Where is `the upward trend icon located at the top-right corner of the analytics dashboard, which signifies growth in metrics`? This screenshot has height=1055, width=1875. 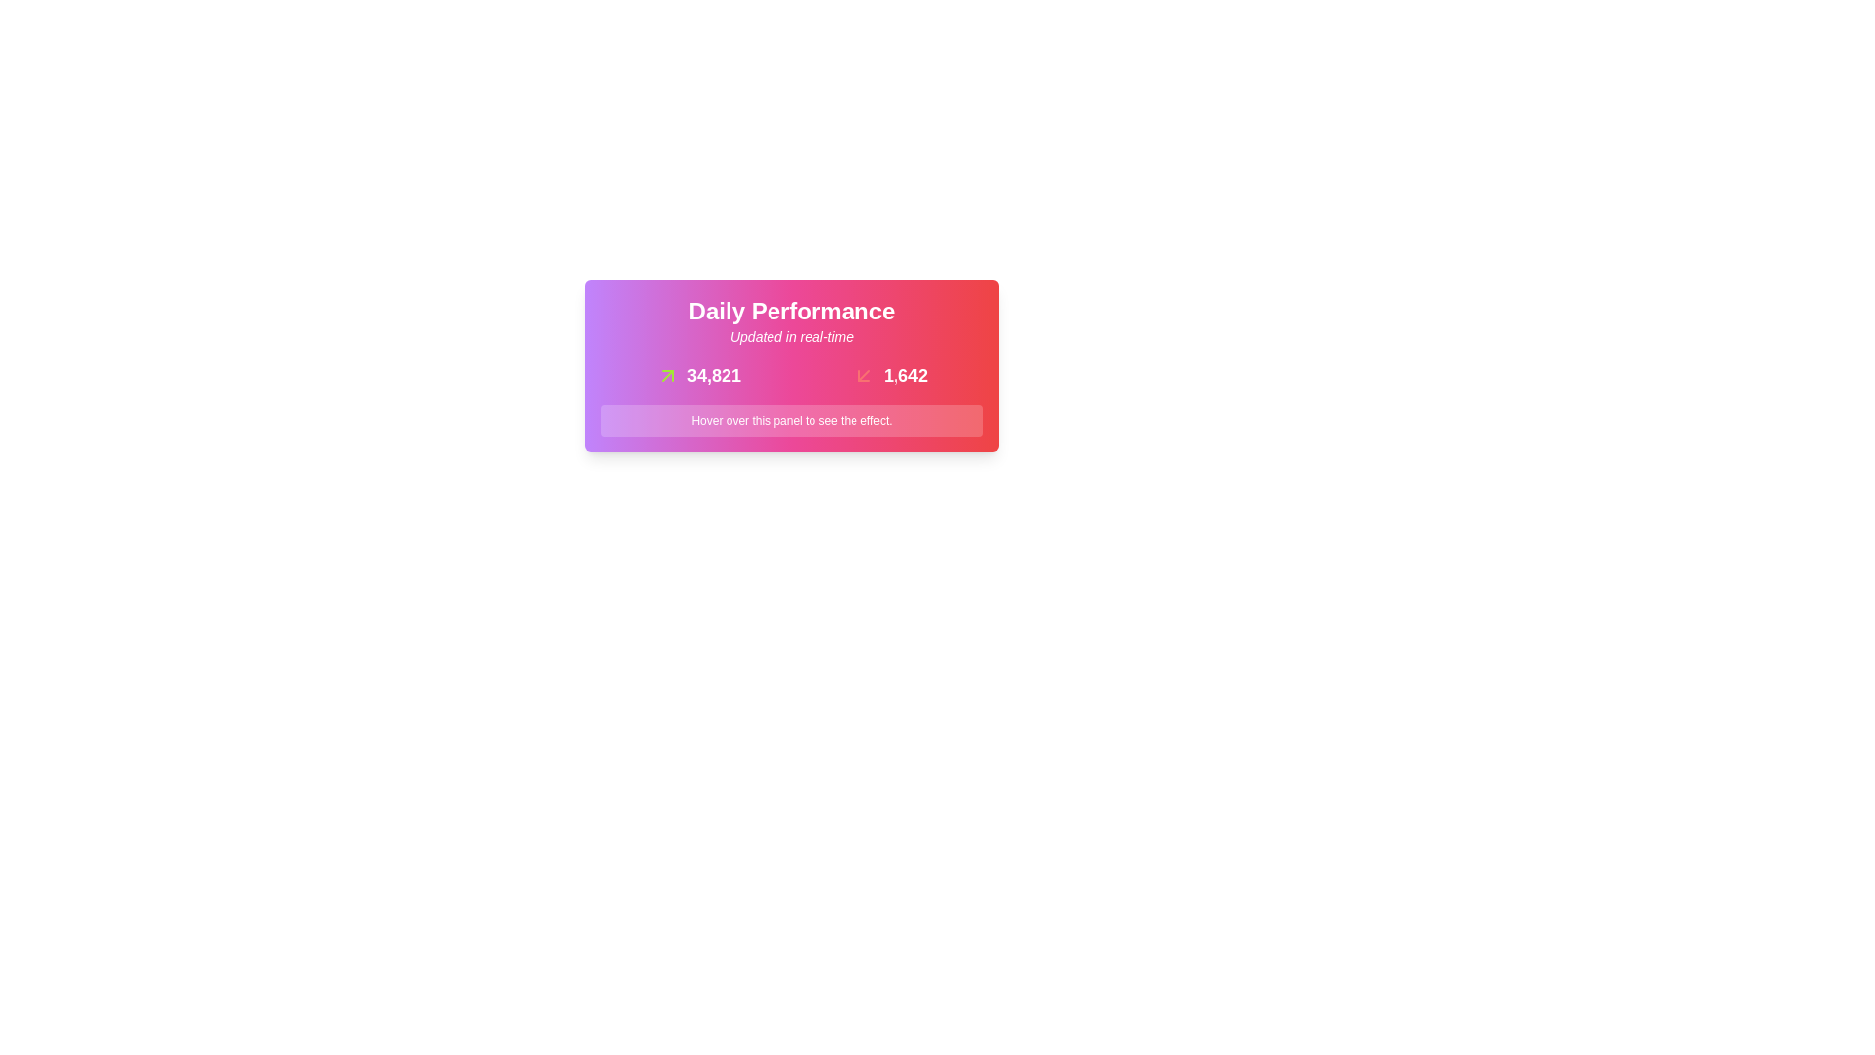
the upward trend icon located at the top-right corner of the analytics dashboard, which signifies growth in metrics is located at coordinates (667, 376).